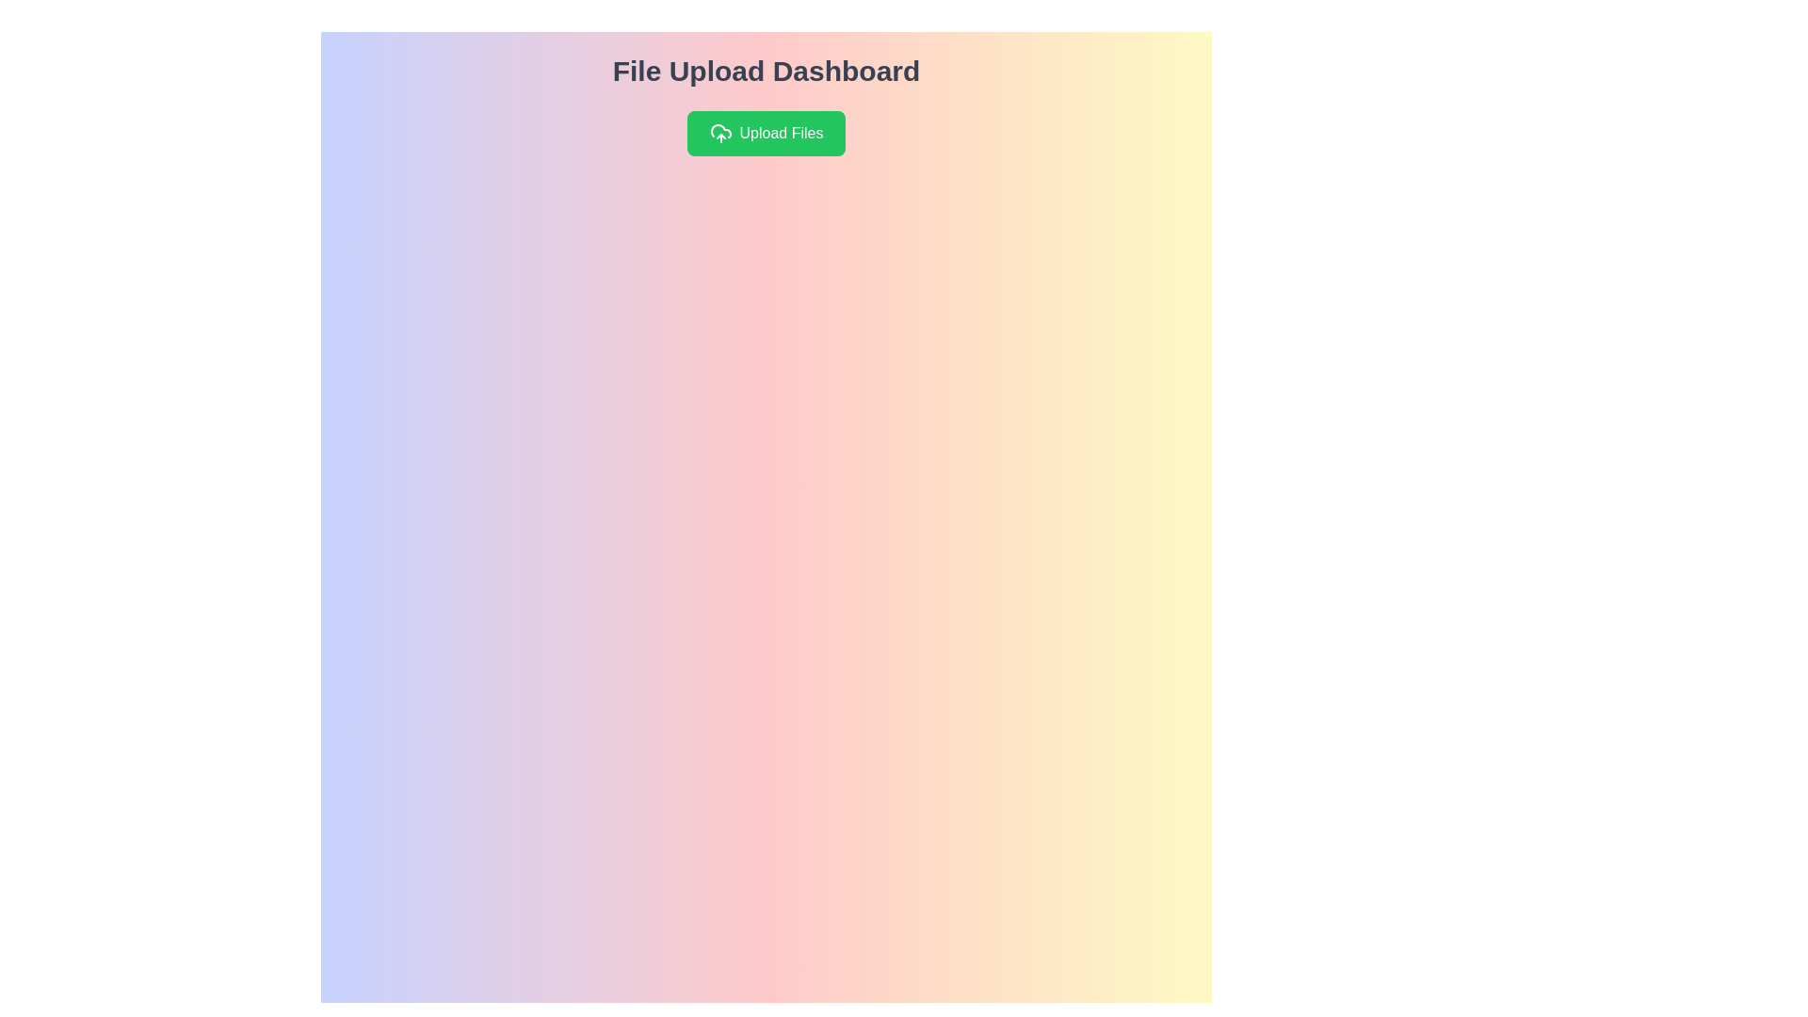 The width and height of the screenshot is (1808, 1017). What do you see at coordinates (767, 133) in the screenshot?
I see `the green button labeled 'Upload Files'` at bounding box center [767, 133].